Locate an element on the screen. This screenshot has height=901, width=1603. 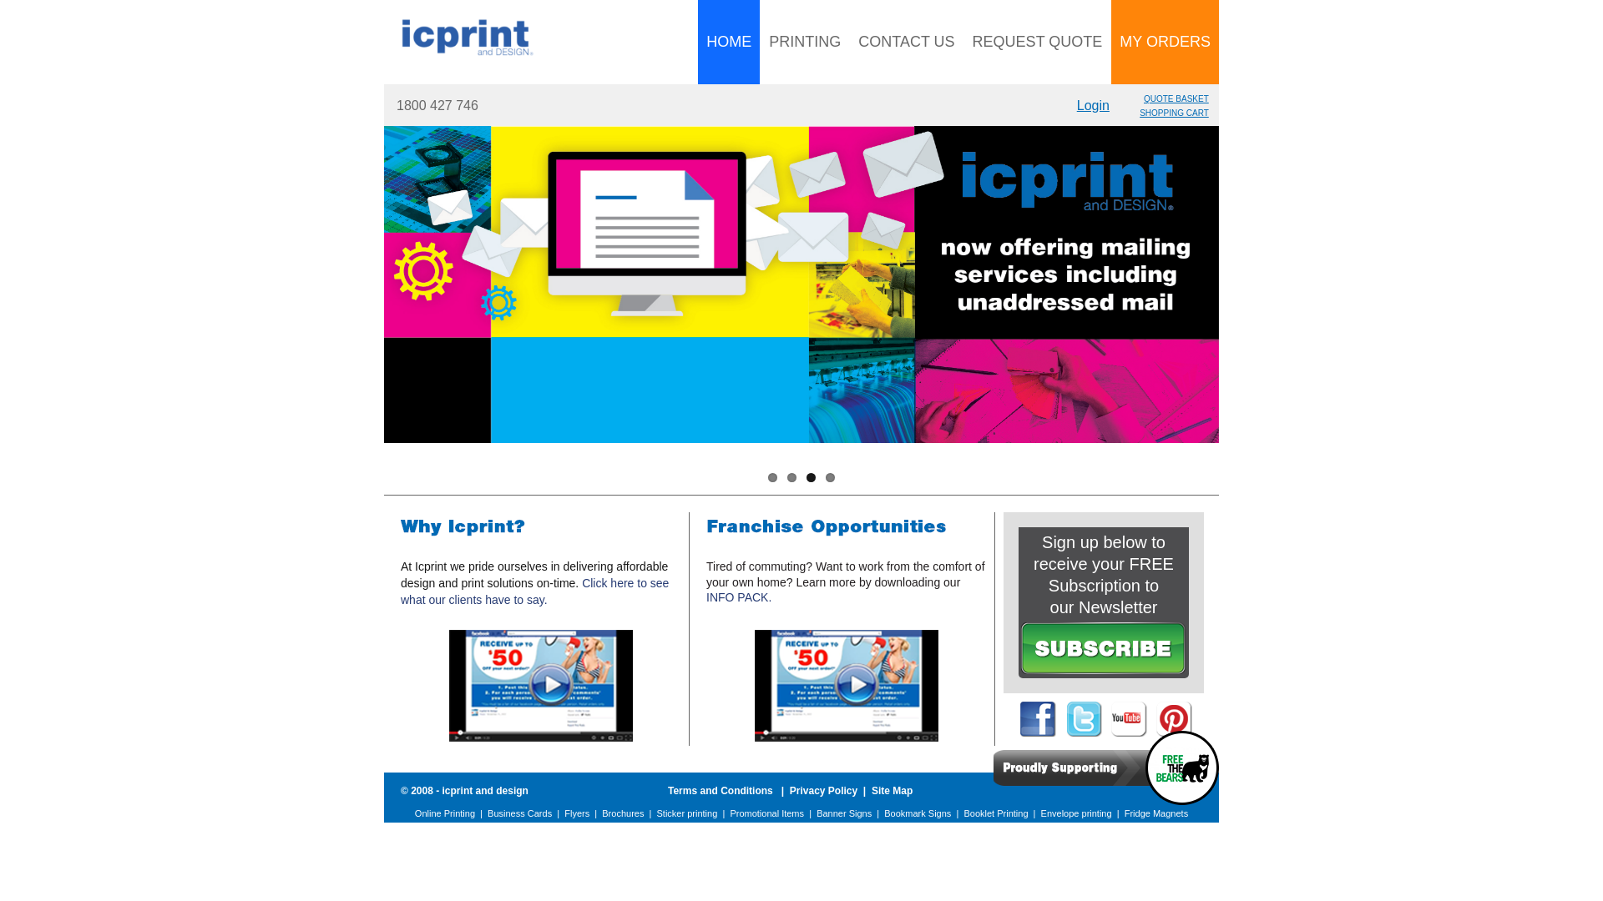
'Click here to see is located at coordinates (534, 591).